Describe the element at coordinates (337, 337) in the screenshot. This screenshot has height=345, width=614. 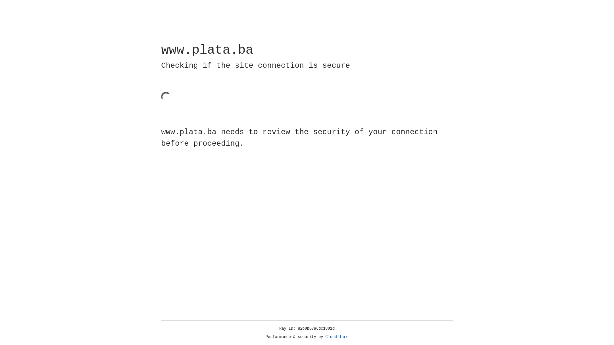
I see `'Cloudflare'` at that location.